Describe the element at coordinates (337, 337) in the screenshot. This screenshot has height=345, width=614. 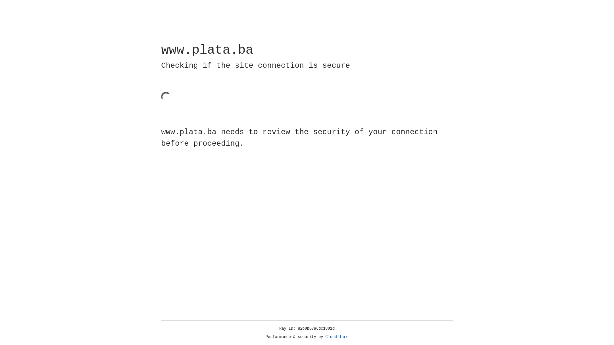
I see `'Cloudflare'` at that location.